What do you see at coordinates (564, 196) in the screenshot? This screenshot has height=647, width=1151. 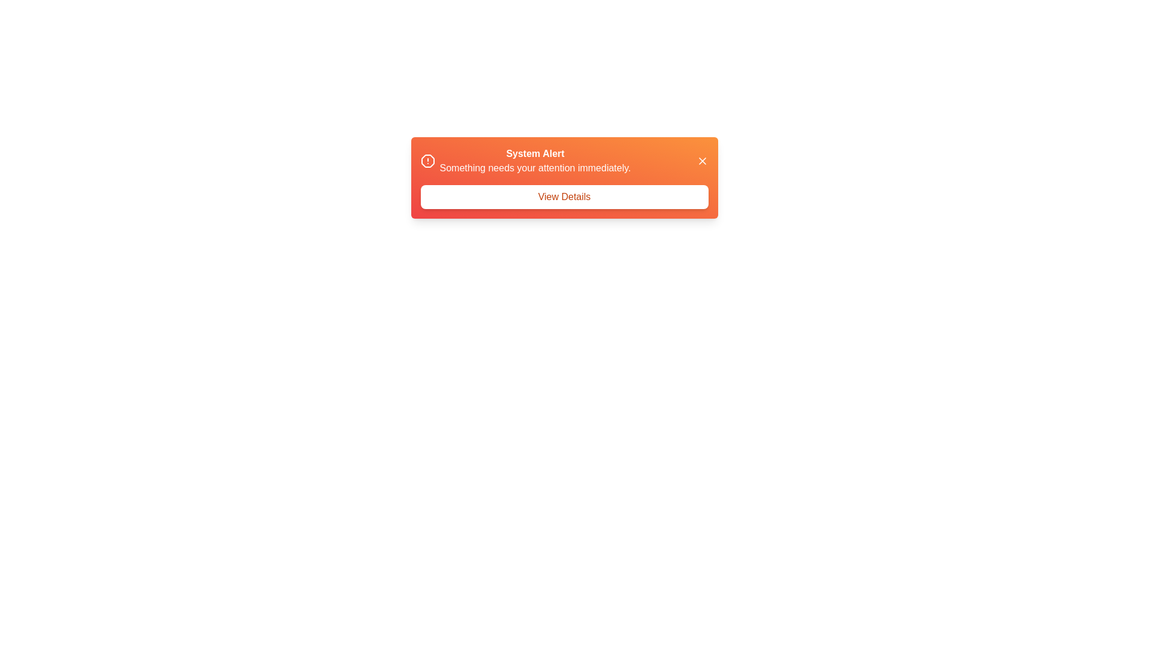 I see `the button intended for viewing more details about the alert to observe a background color change` at bounding box center [564, 196].